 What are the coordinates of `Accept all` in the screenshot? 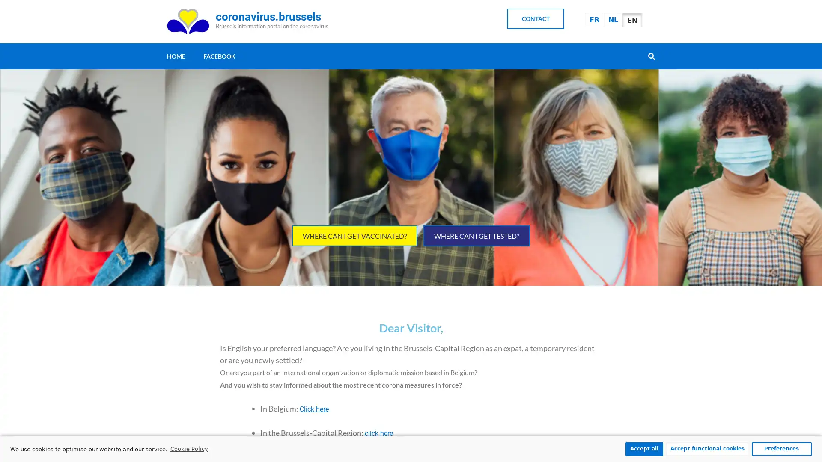 It's located at (644, 448).